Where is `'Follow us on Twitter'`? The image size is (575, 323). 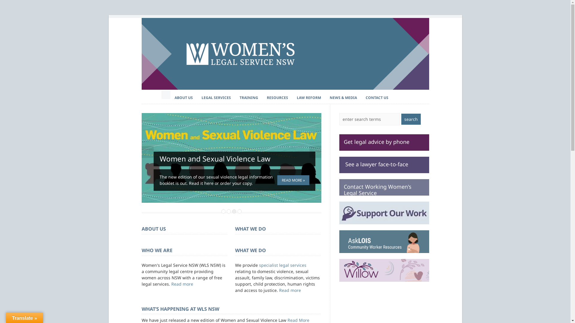
'Follow us on Twitter' is located at coordinates (397, 94).